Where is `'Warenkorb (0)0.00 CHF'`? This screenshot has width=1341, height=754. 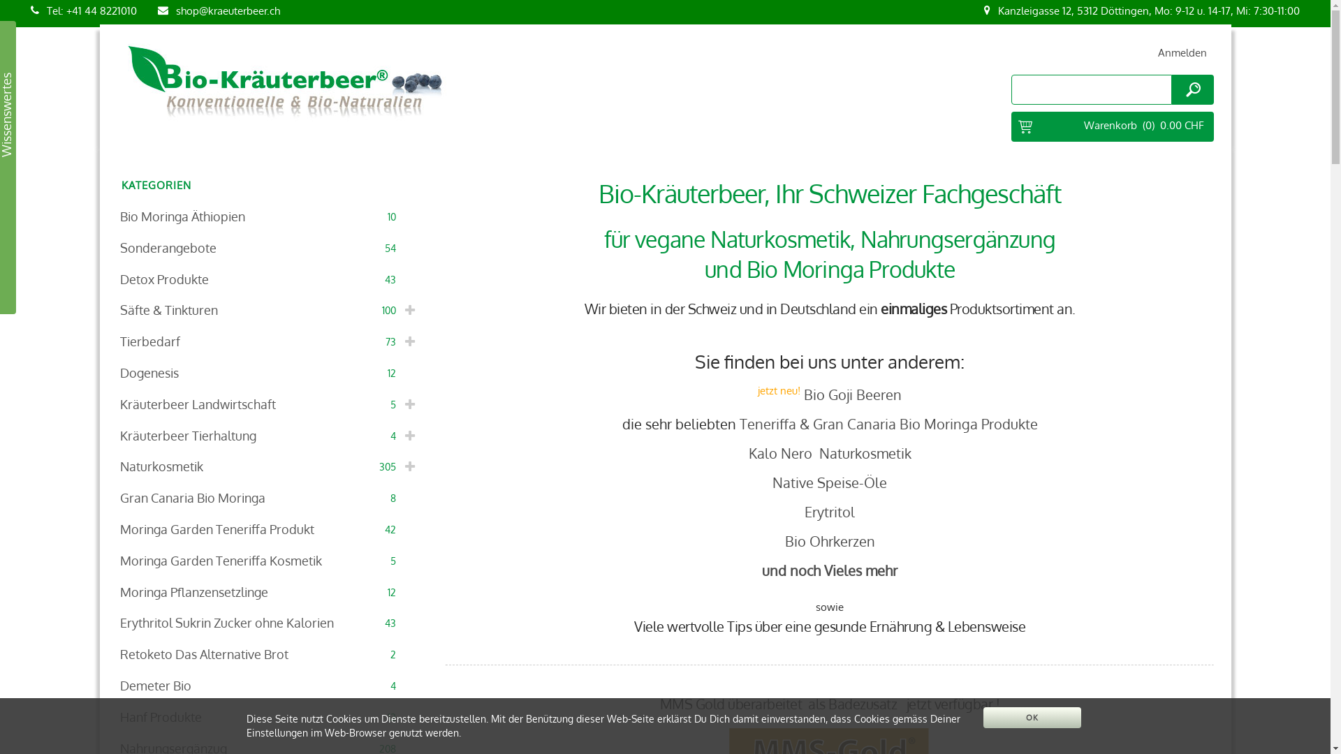
'Warenkorb (0)0.00 CHF' is located at coordinates (1112, 126).